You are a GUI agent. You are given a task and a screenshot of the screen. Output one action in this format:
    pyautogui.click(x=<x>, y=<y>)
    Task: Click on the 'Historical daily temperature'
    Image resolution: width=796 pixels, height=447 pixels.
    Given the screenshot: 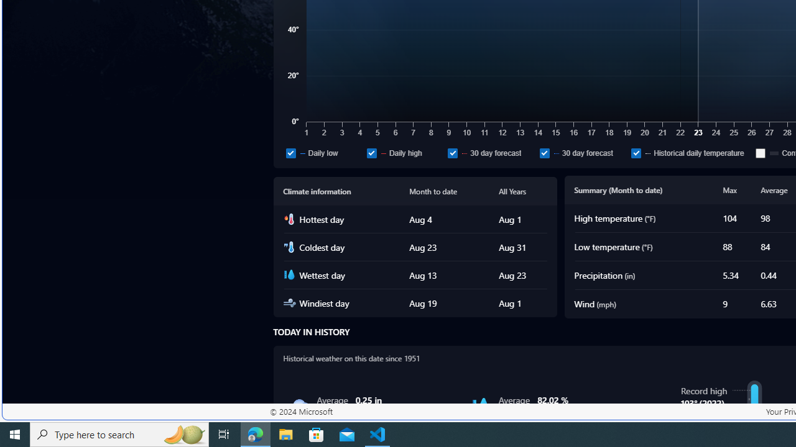 What is the action you would take?
    pyautogui.click(x=690, y=152)
    